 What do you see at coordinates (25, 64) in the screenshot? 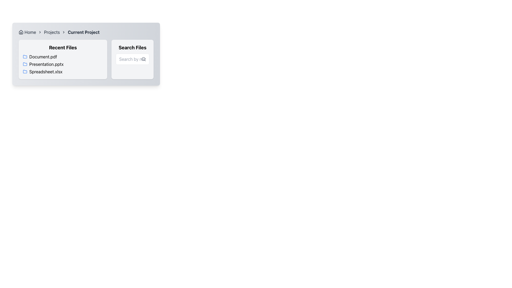
I see `the small folder icon with a blue outline located next to the 'Presentation.pptx' filename text in the 'Recent Files' section` at bounding box center [25, 64].